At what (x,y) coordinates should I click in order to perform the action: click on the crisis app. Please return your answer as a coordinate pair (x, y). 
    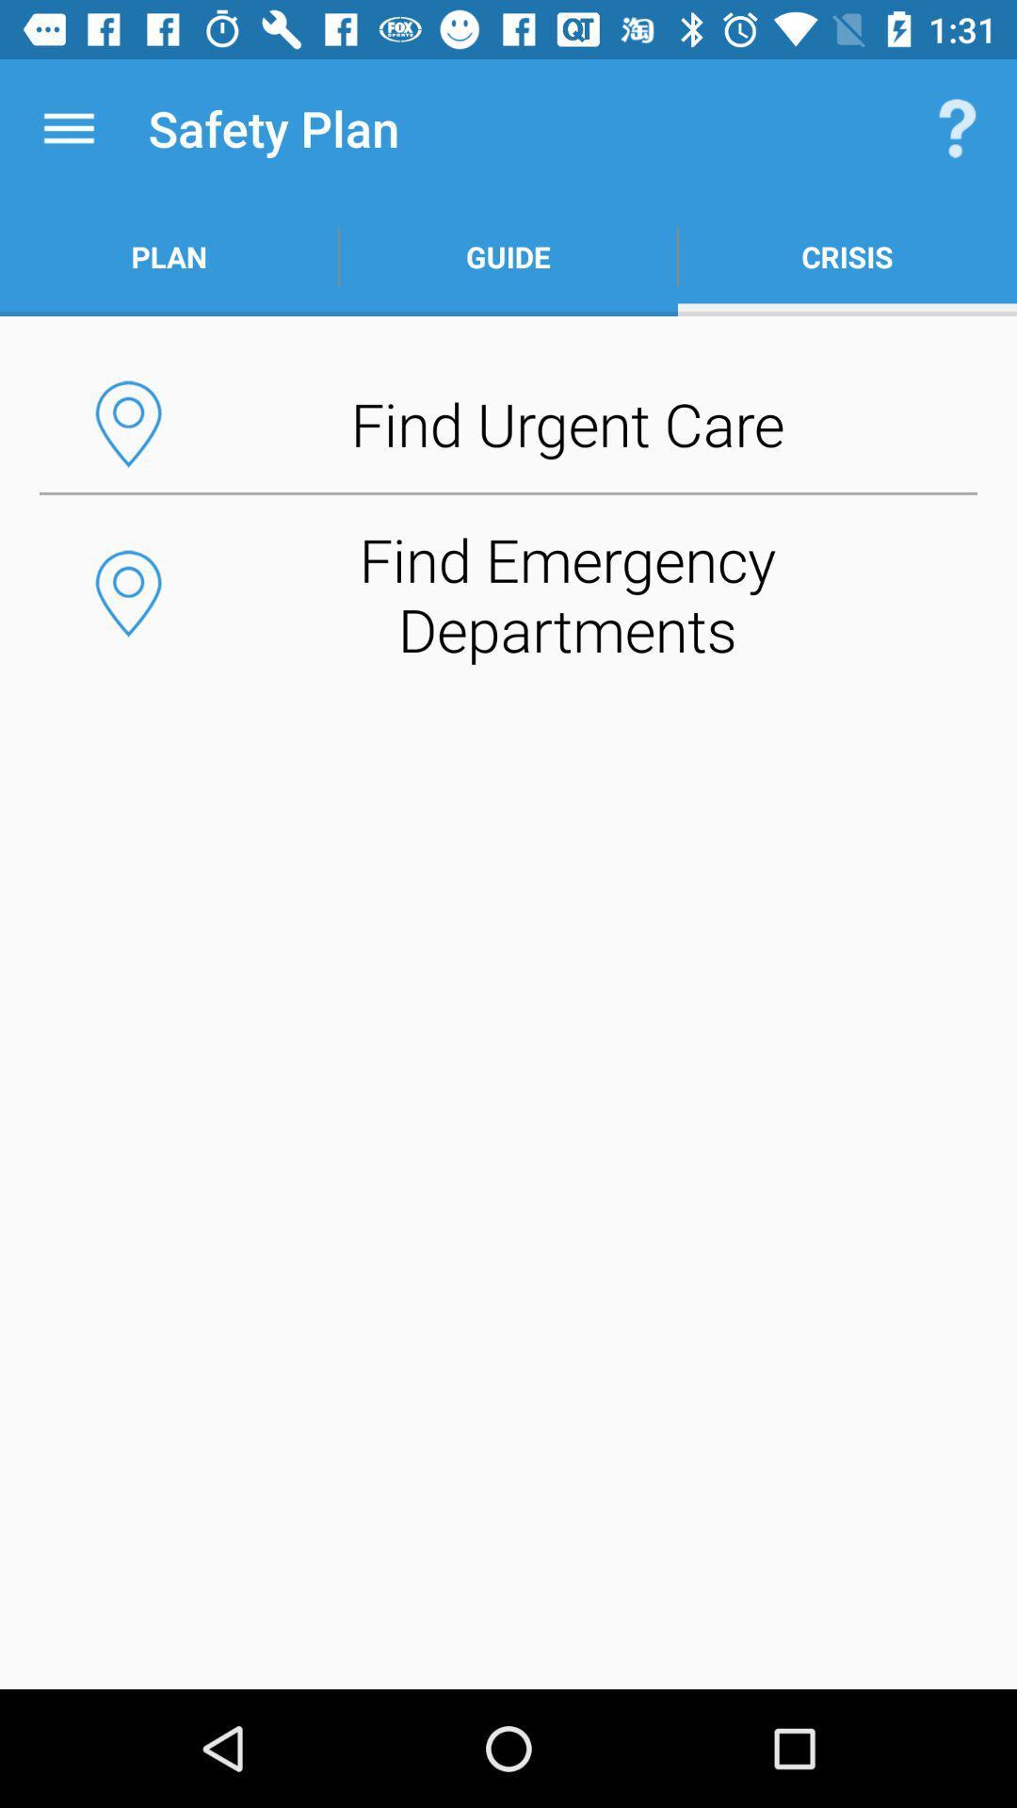
    Looking at the image, I should click on (846, 256).